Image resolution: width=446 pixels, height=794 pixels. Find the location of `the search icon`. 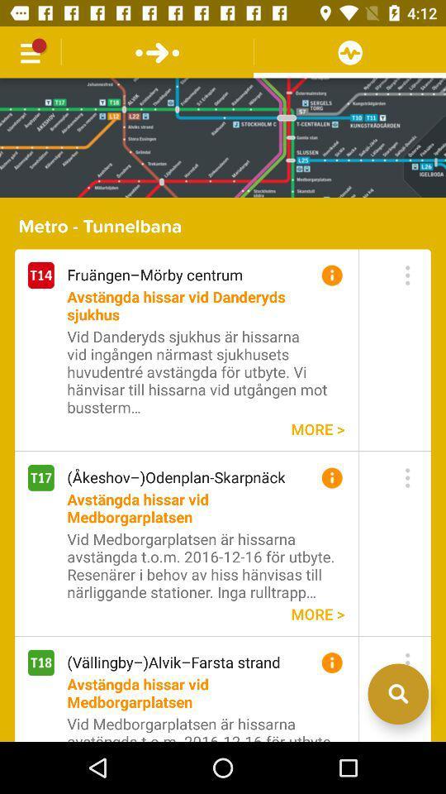

the search icon is located at coordinates (397, 742).